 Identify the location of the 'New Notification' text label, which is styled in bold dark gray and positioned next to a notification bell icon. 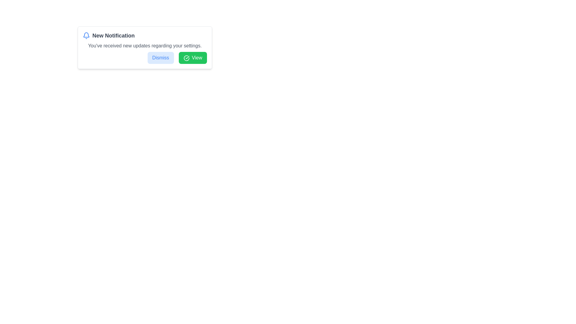
(113, 36).